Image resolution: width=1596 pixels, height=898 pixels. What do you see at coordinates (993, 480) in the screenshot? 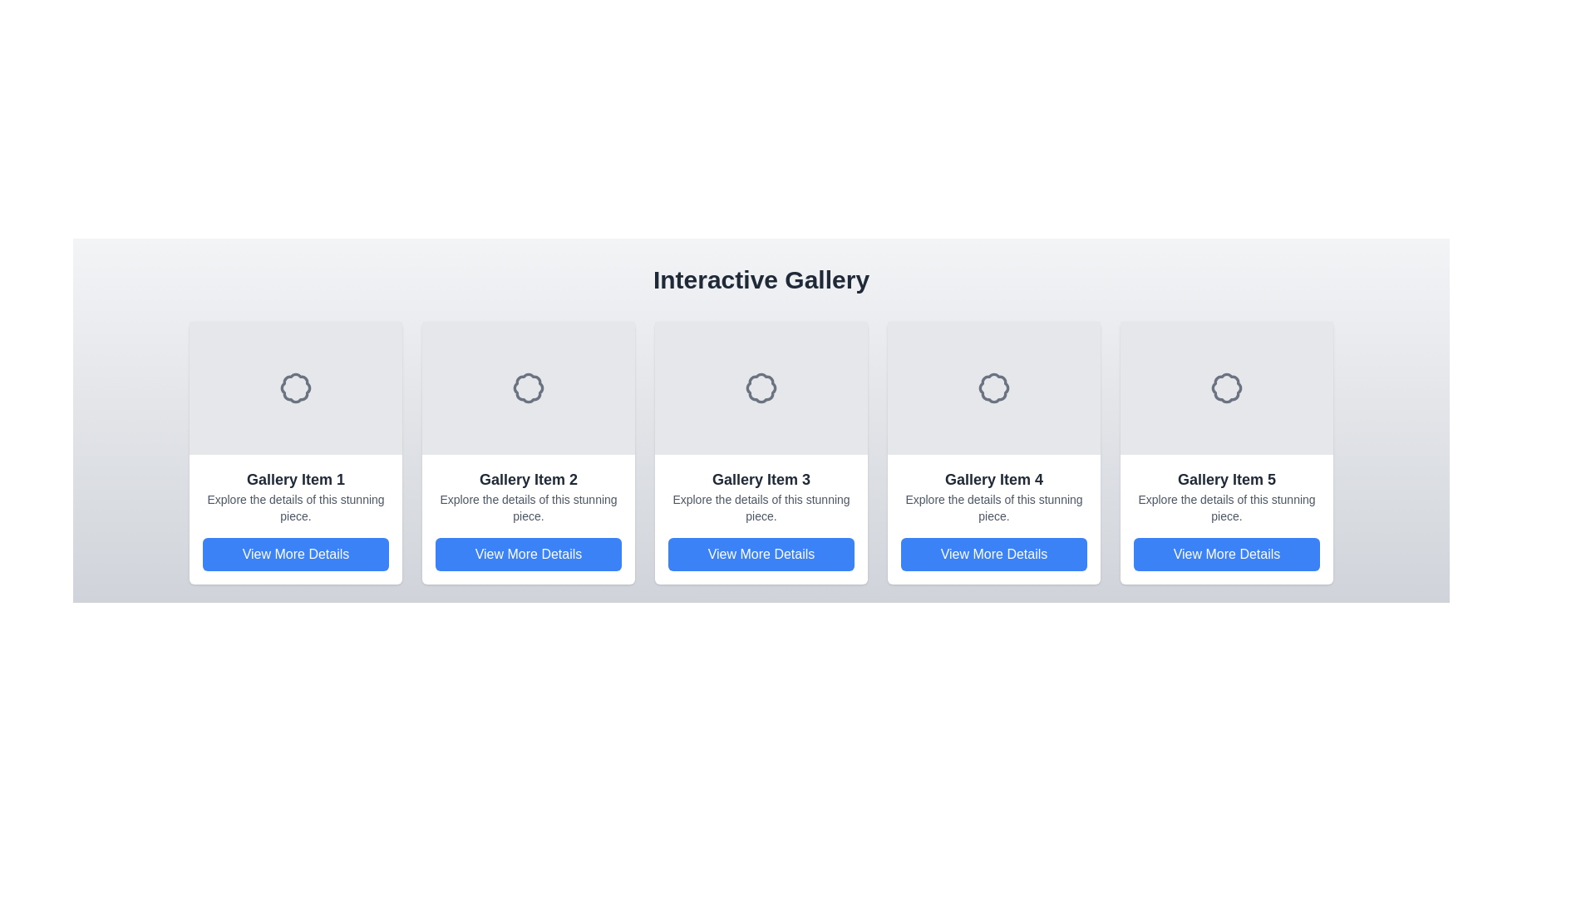
I see `text label displaying 'Gallery Item 4', which is a title indicating the fourth item in a gallery card layout` at bounding box center [993, 480].